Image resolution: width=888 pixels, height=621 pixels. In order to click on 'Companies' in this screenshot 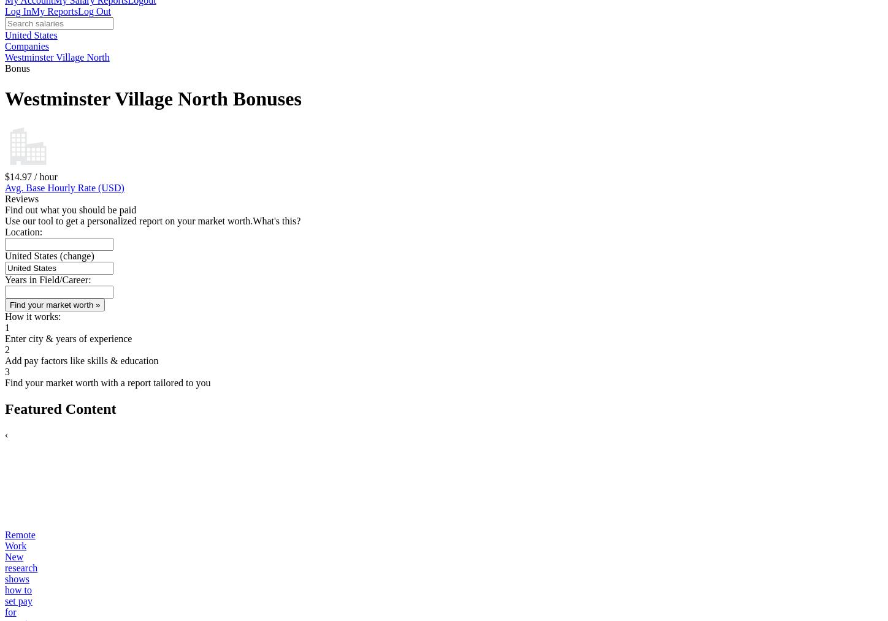, I will do `click(4, 45)`.